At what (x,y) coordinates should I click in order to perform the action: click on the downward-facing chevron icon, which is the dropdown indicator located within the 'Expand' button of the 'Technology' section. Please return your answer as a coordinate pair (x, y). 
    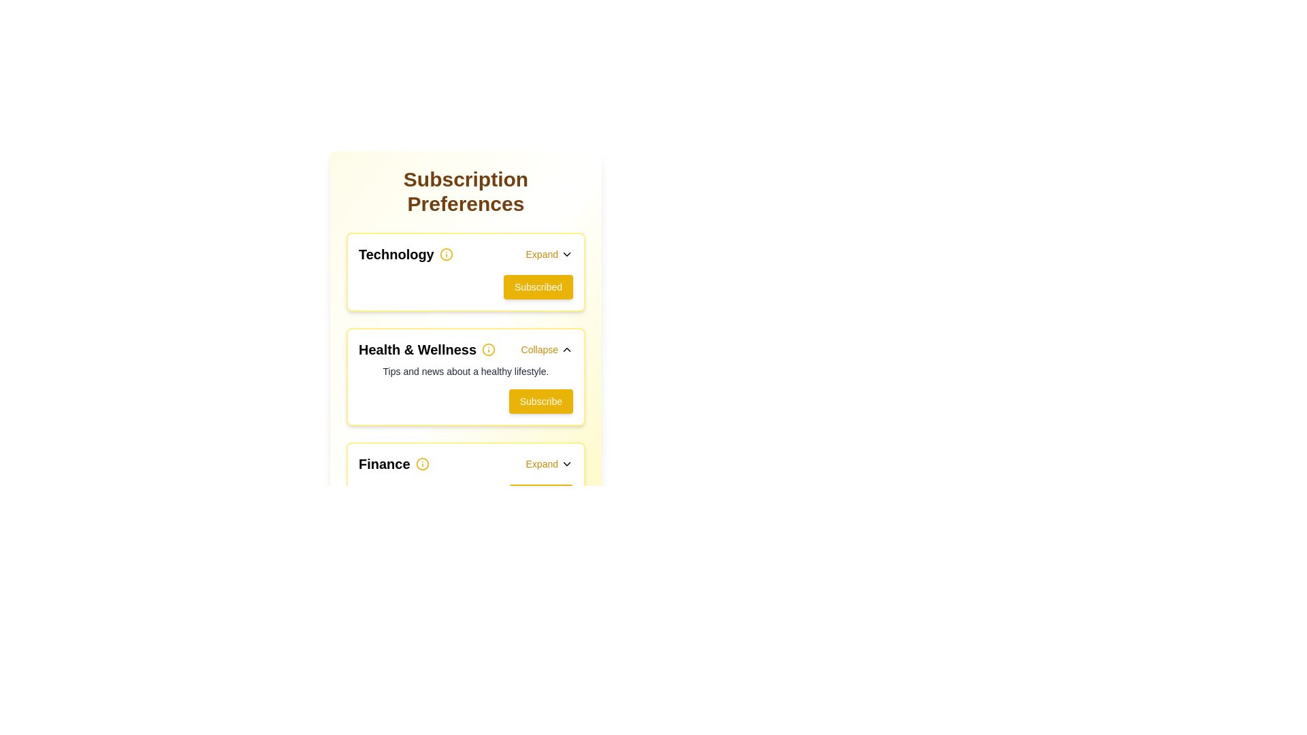
    Looking at the image, I should click on (567, 255).